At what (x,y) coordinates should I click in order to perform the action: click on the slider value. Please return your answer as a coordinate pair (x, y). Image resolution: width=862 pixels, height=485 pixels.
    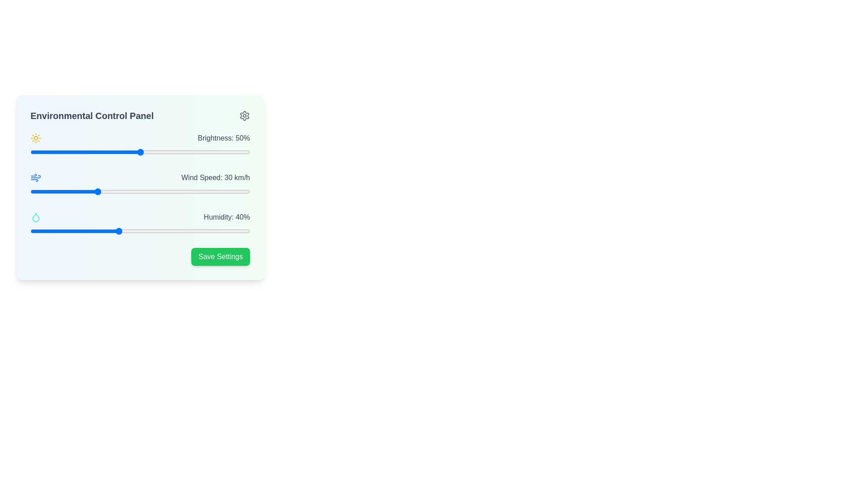
    Looking at the image, I should click on (39, 152).